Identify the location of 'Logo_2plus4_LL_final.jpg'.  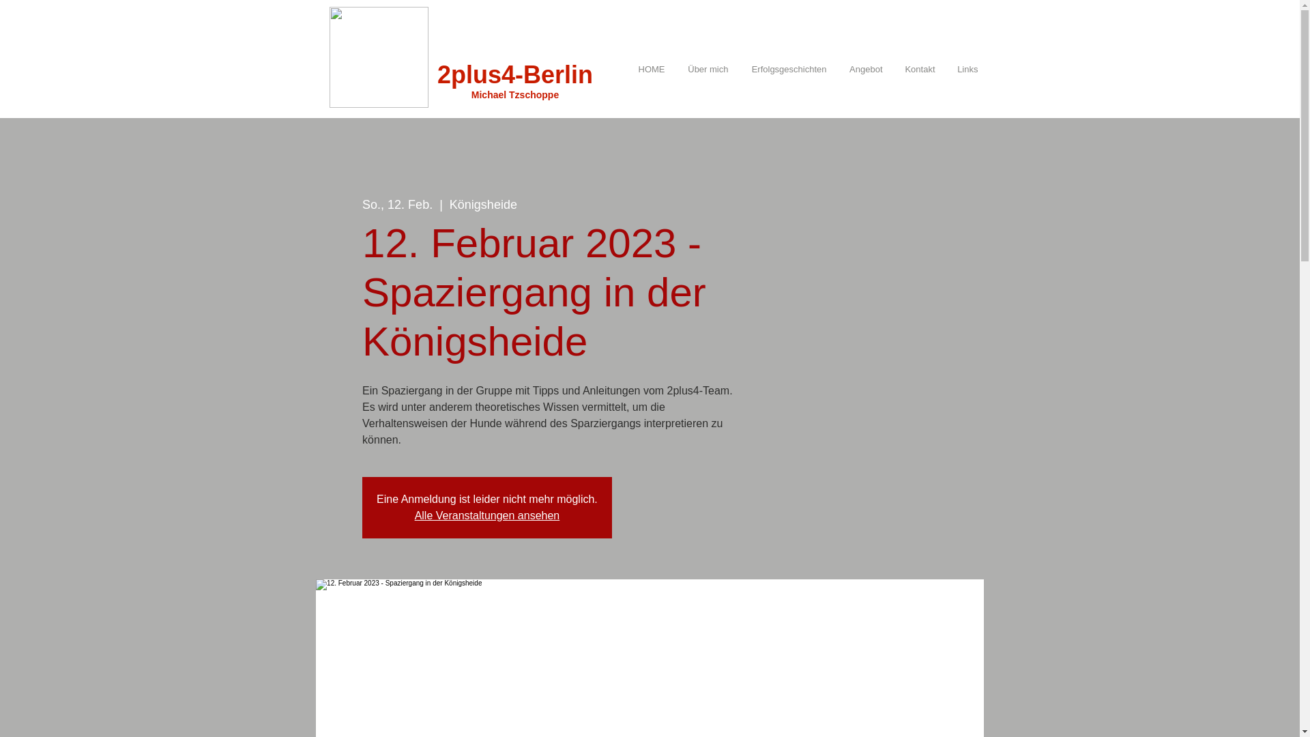
(378, 57).